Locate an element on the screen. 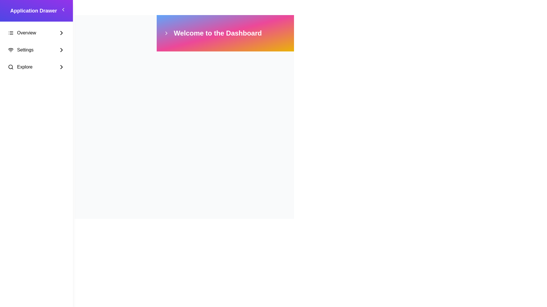  the header banner component that welcomes users to the dashboard section of the application is located at coordinates (225, 33).